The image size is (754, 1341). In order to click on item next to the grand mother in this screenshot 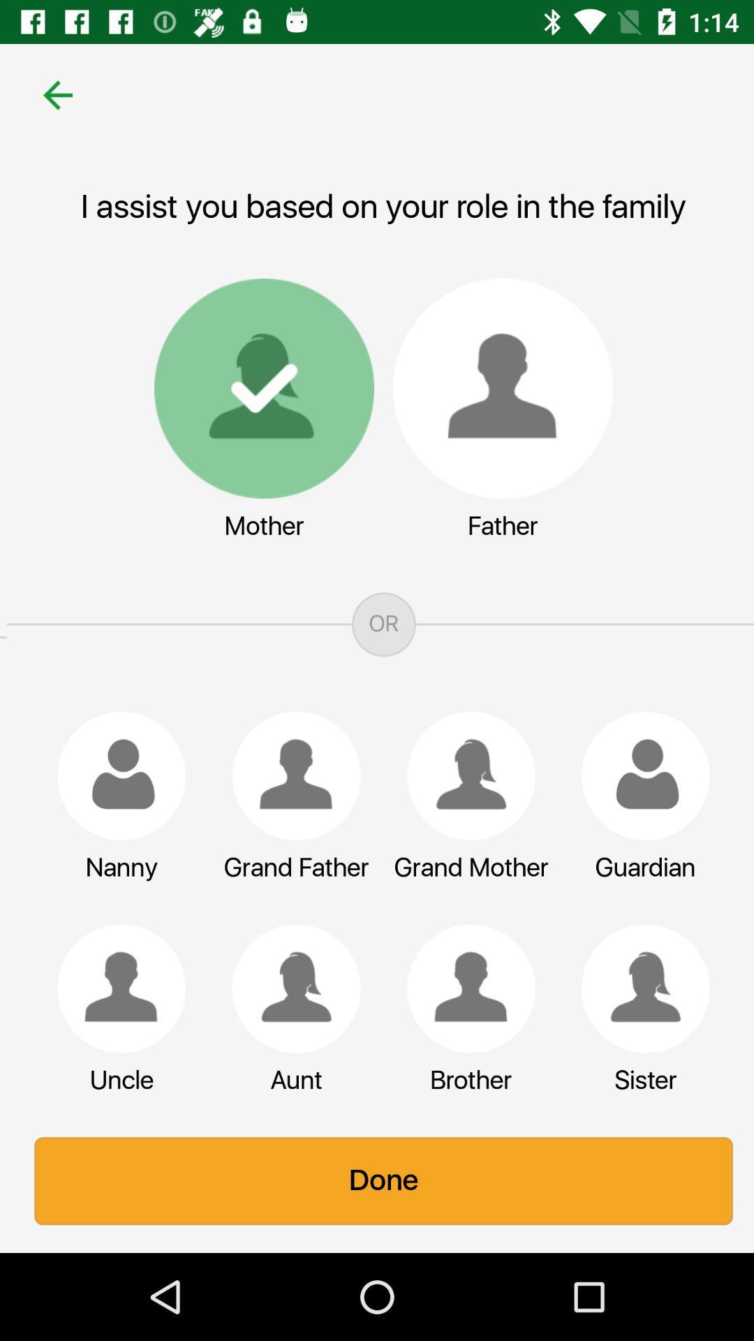, I will do `click(639, 775)`.